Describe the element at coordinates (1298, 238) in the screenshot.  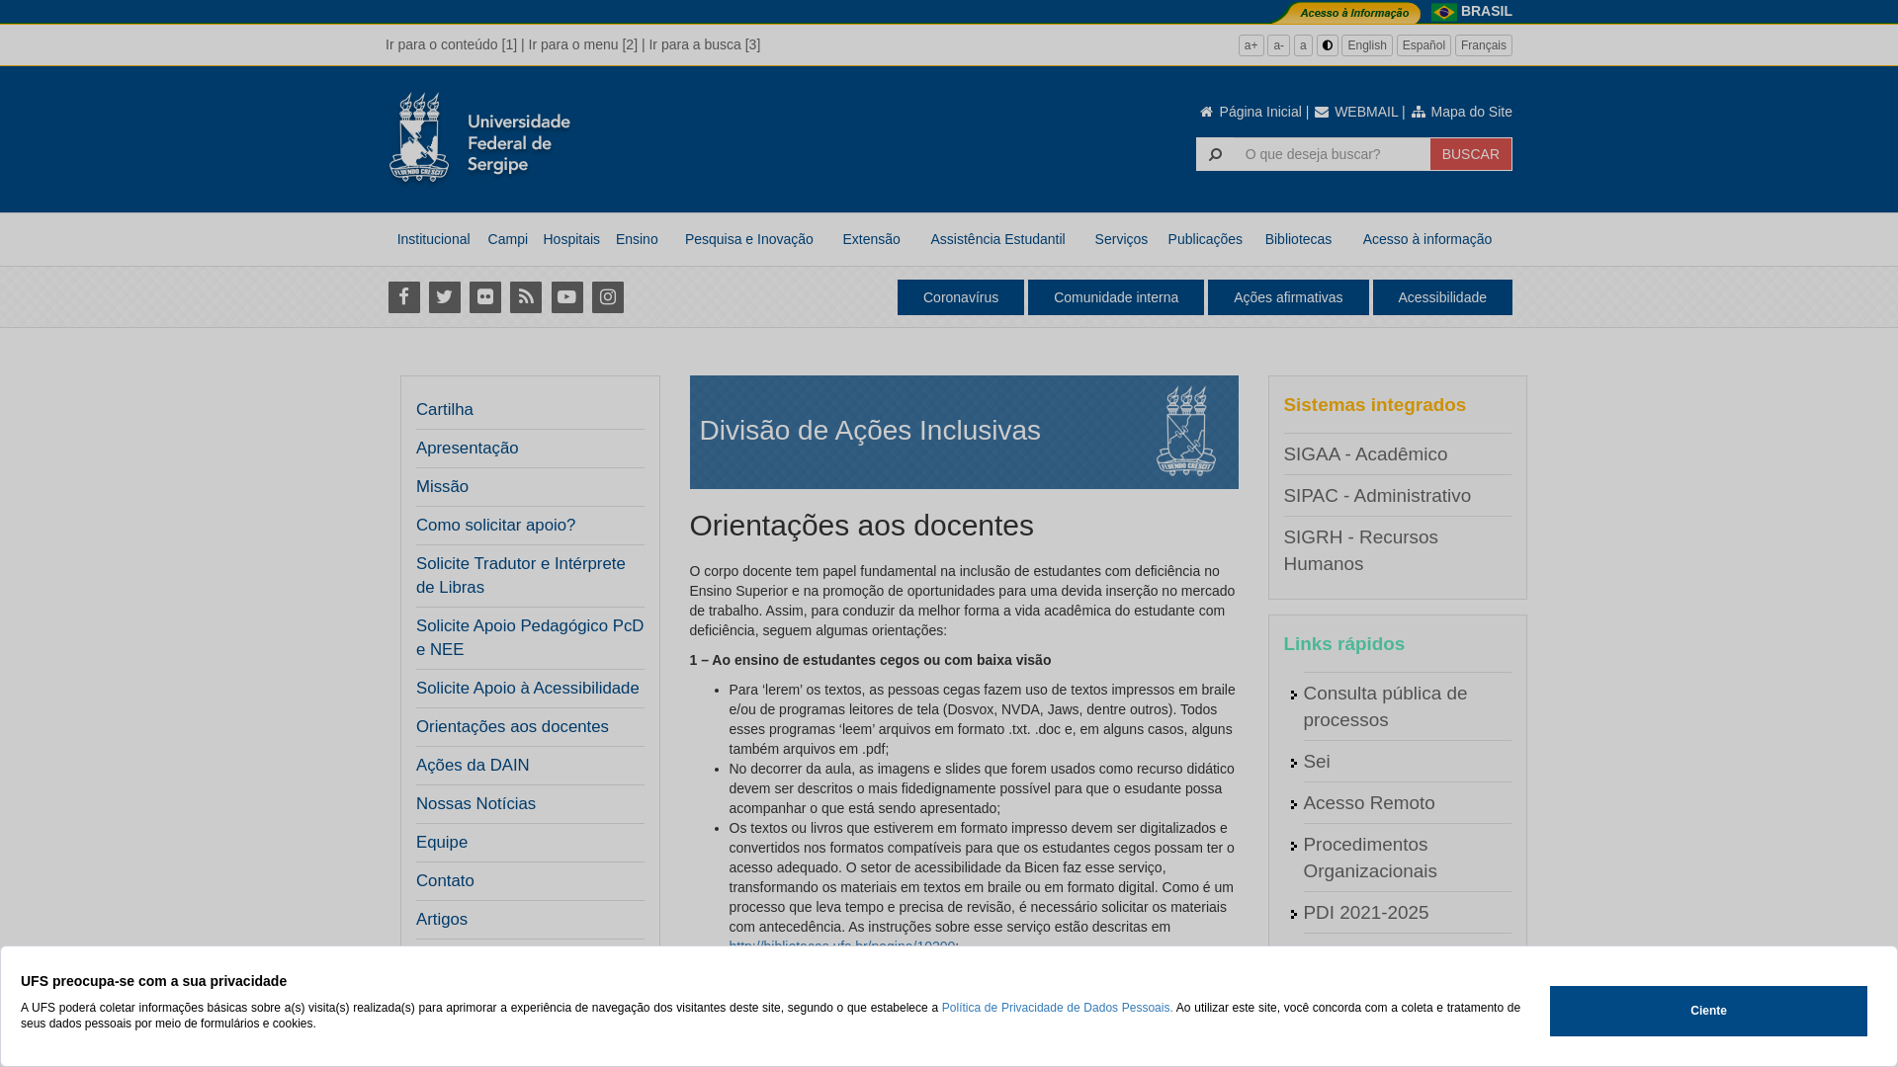
I see `'Bibliotecas'` at that location.